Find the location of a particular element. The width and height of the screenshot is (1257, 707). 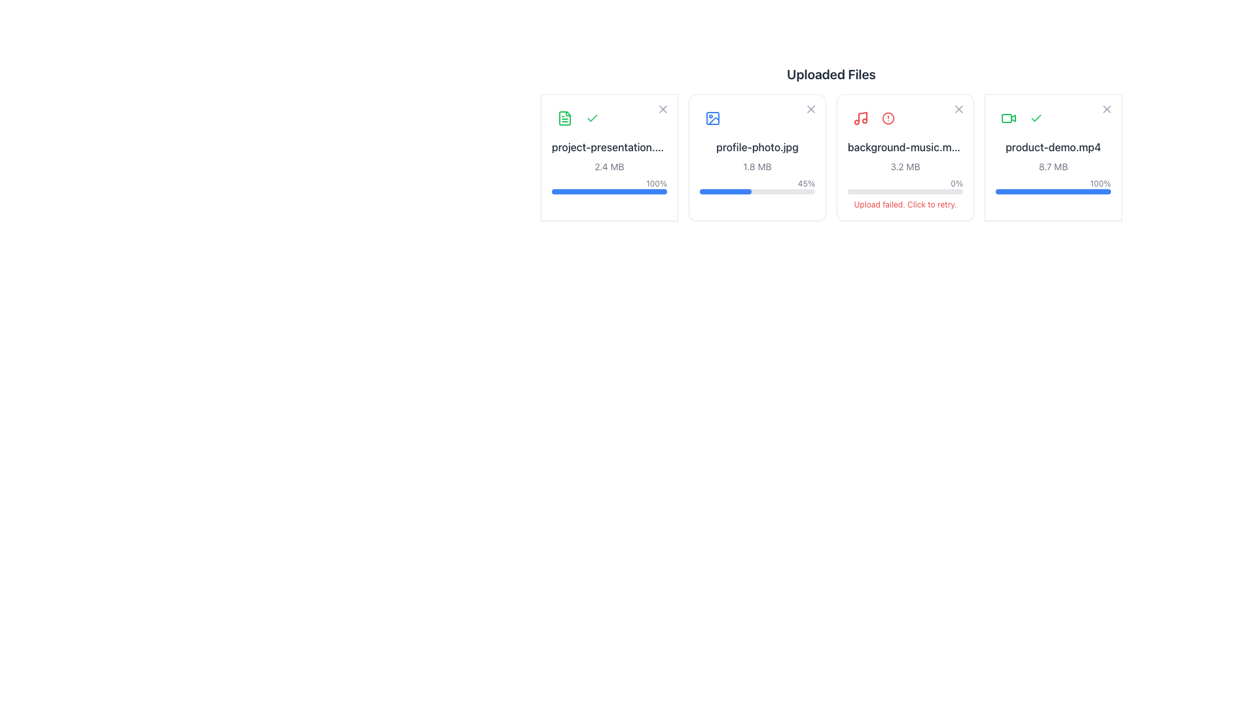

the horizontal progress bar with a blue-filled section representing the progress for the second file in the 'Uploaded Files' section, located at the bottom of the 'profile-photo.jpg' file upload card is located at coordinates (757, 192).